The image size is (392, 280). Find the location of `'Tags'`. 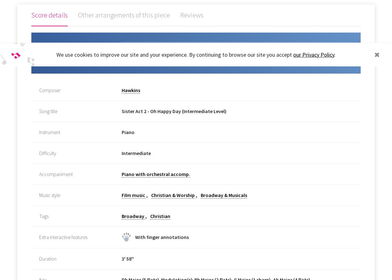

'Tags' is located at coordinates (44, 215).